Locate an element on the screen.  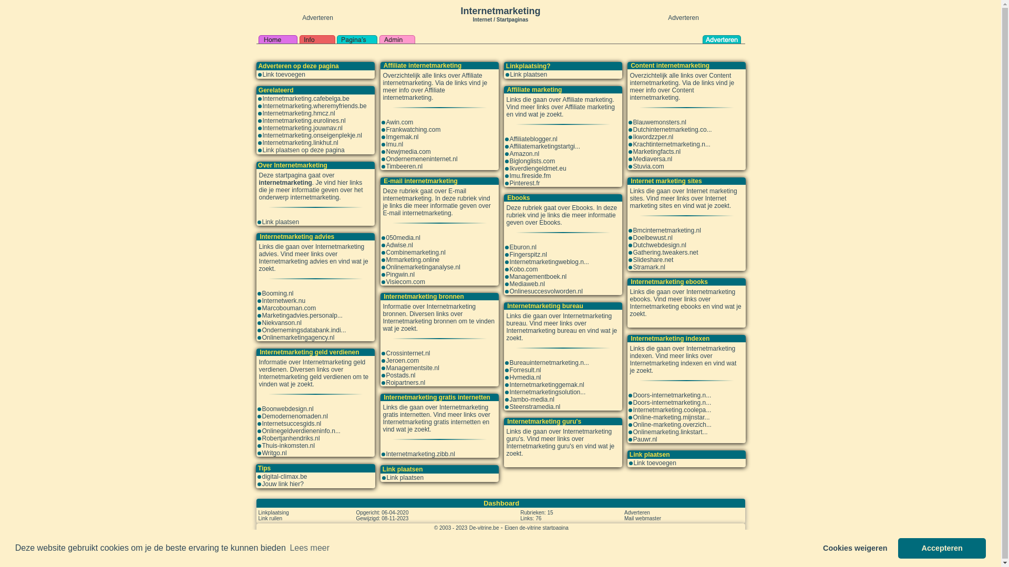
'Managementsite.nl' is located at coordinates (411, 367).